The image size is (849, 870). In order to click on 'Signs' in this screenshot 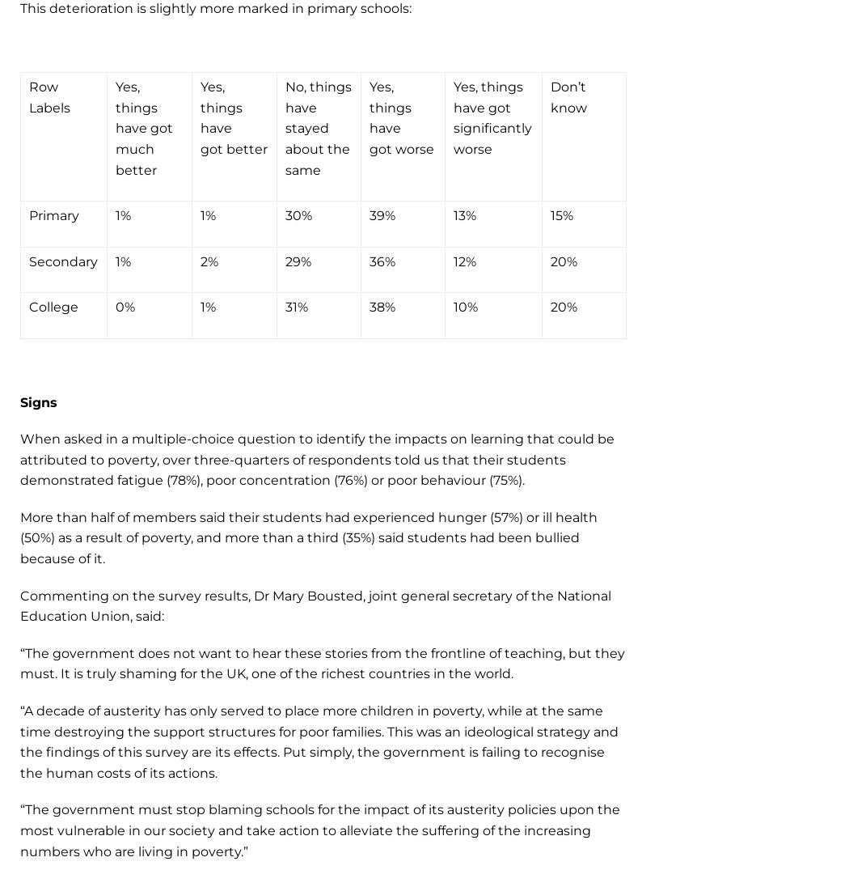, I will do `click(37, 401)`.